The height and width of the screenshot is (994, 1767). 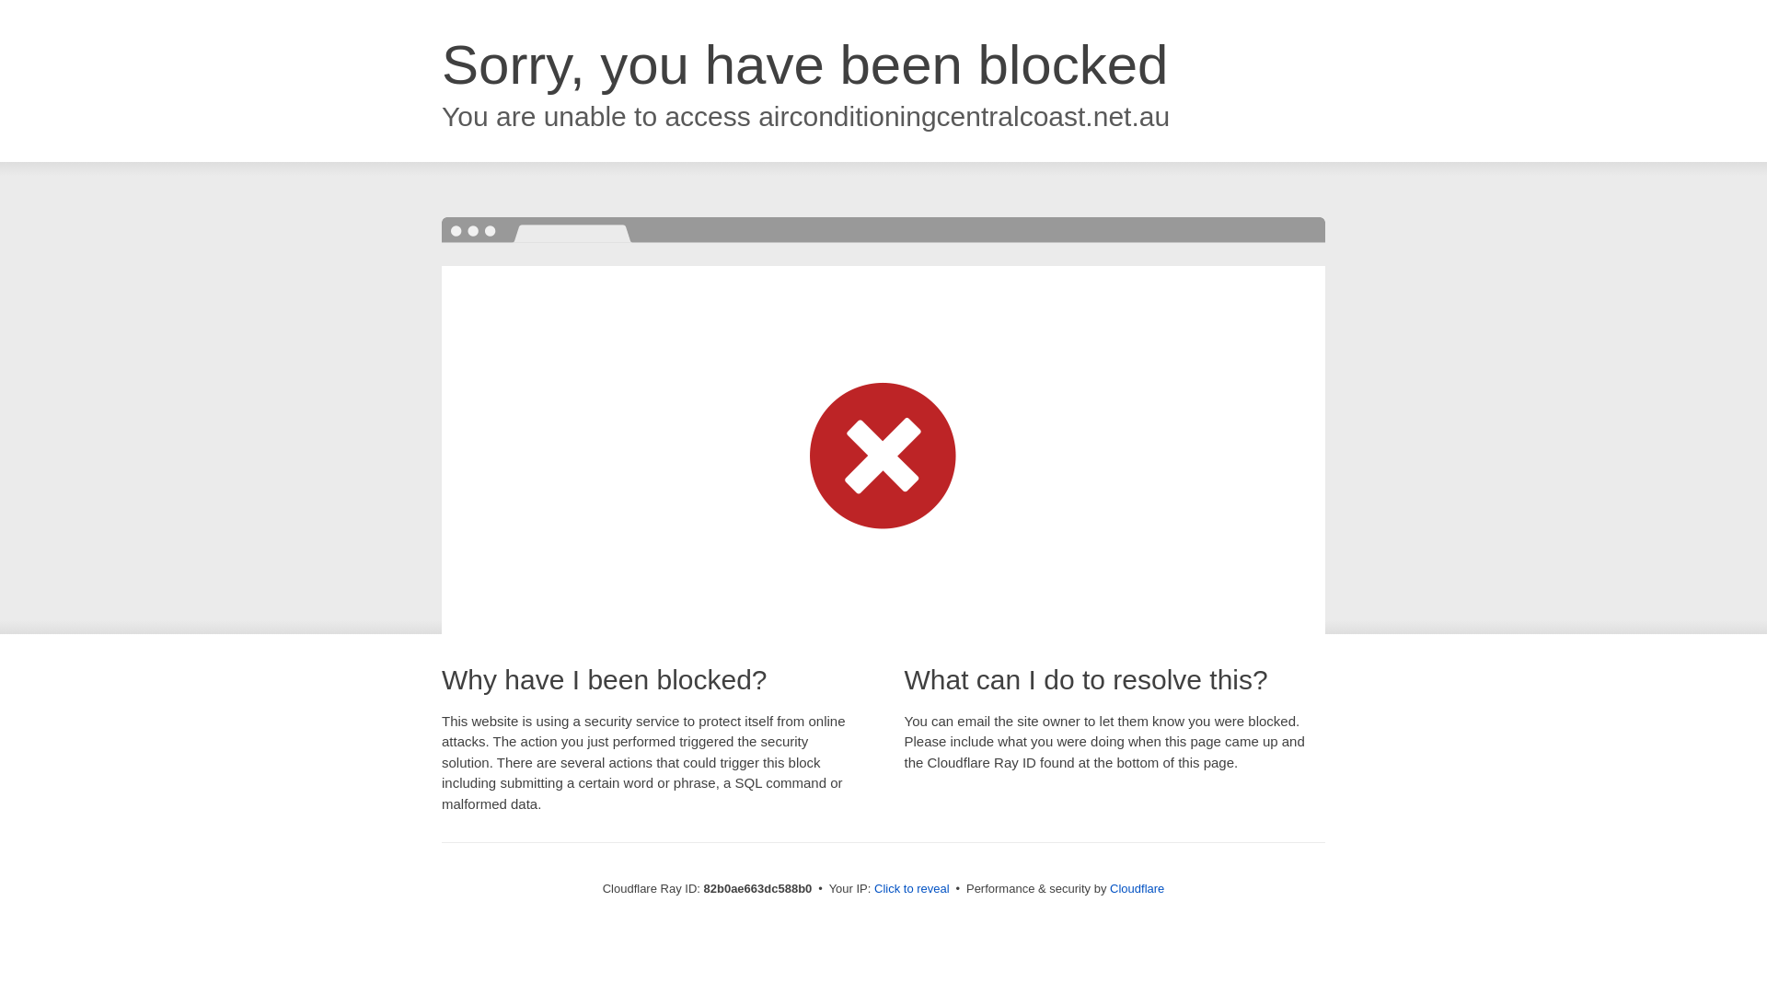 I want to click on 'Click to reveal', so click(x=911, y=887).